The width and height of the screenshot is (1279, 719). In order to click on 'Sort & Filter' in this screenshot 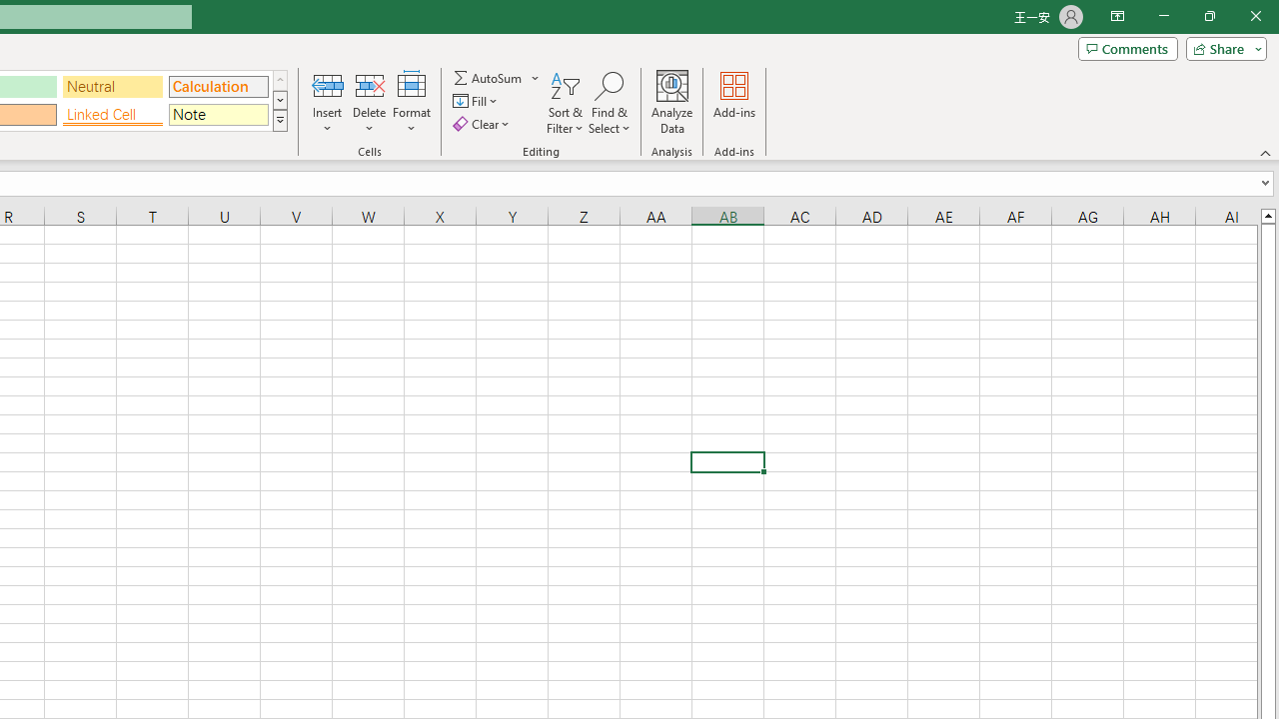, I will do `click(565, 103)`.